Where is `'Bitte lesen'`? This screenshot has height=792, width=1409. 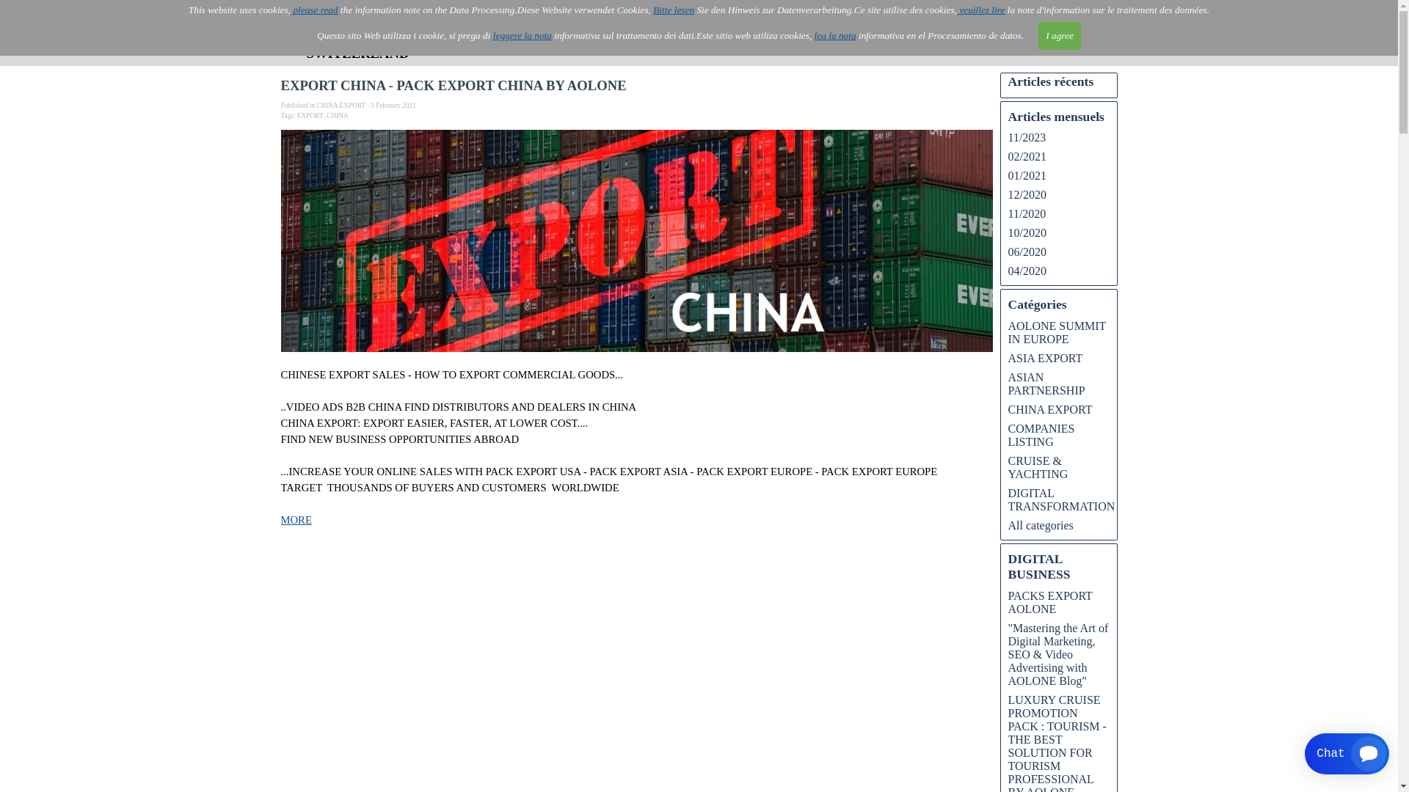 'Bitte lesen' is located at coordinates (672, 10).